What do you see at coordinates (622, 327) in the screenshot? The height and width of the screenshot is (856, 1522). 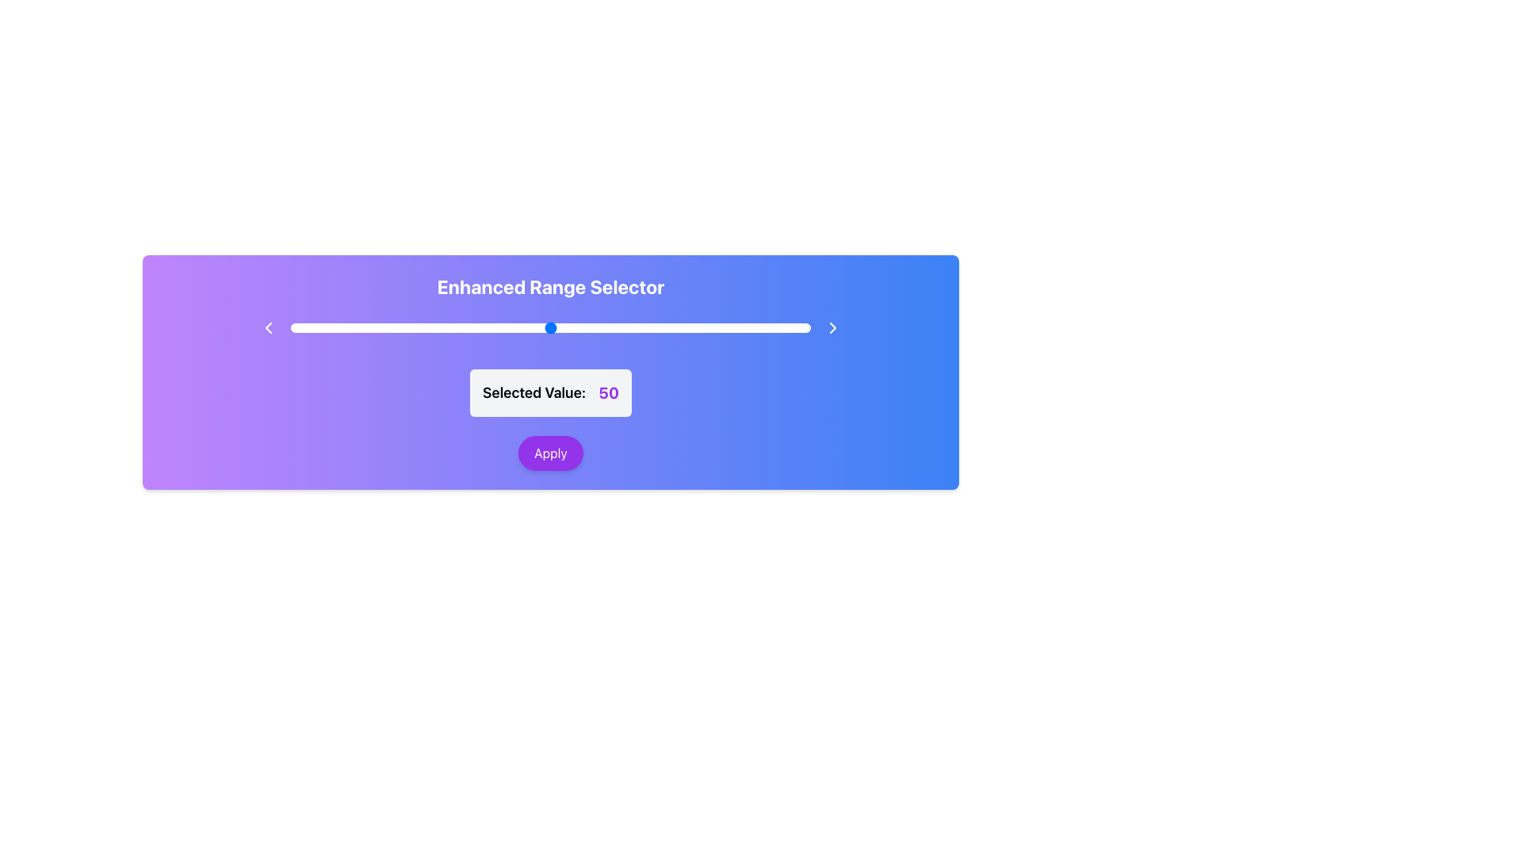 I see `the range slider` at bounding box center [622, 327].